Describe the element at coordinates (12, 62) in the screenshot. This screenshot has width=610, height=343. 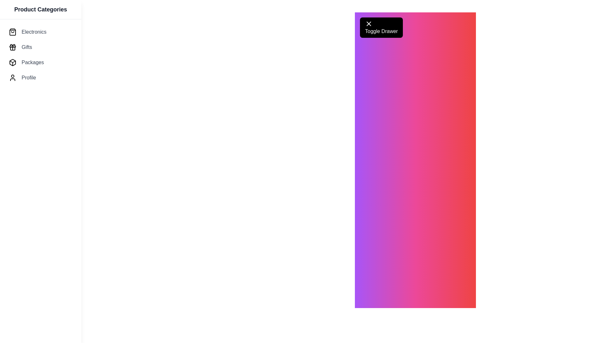
I see `the icon representing the Packages category` at that location.